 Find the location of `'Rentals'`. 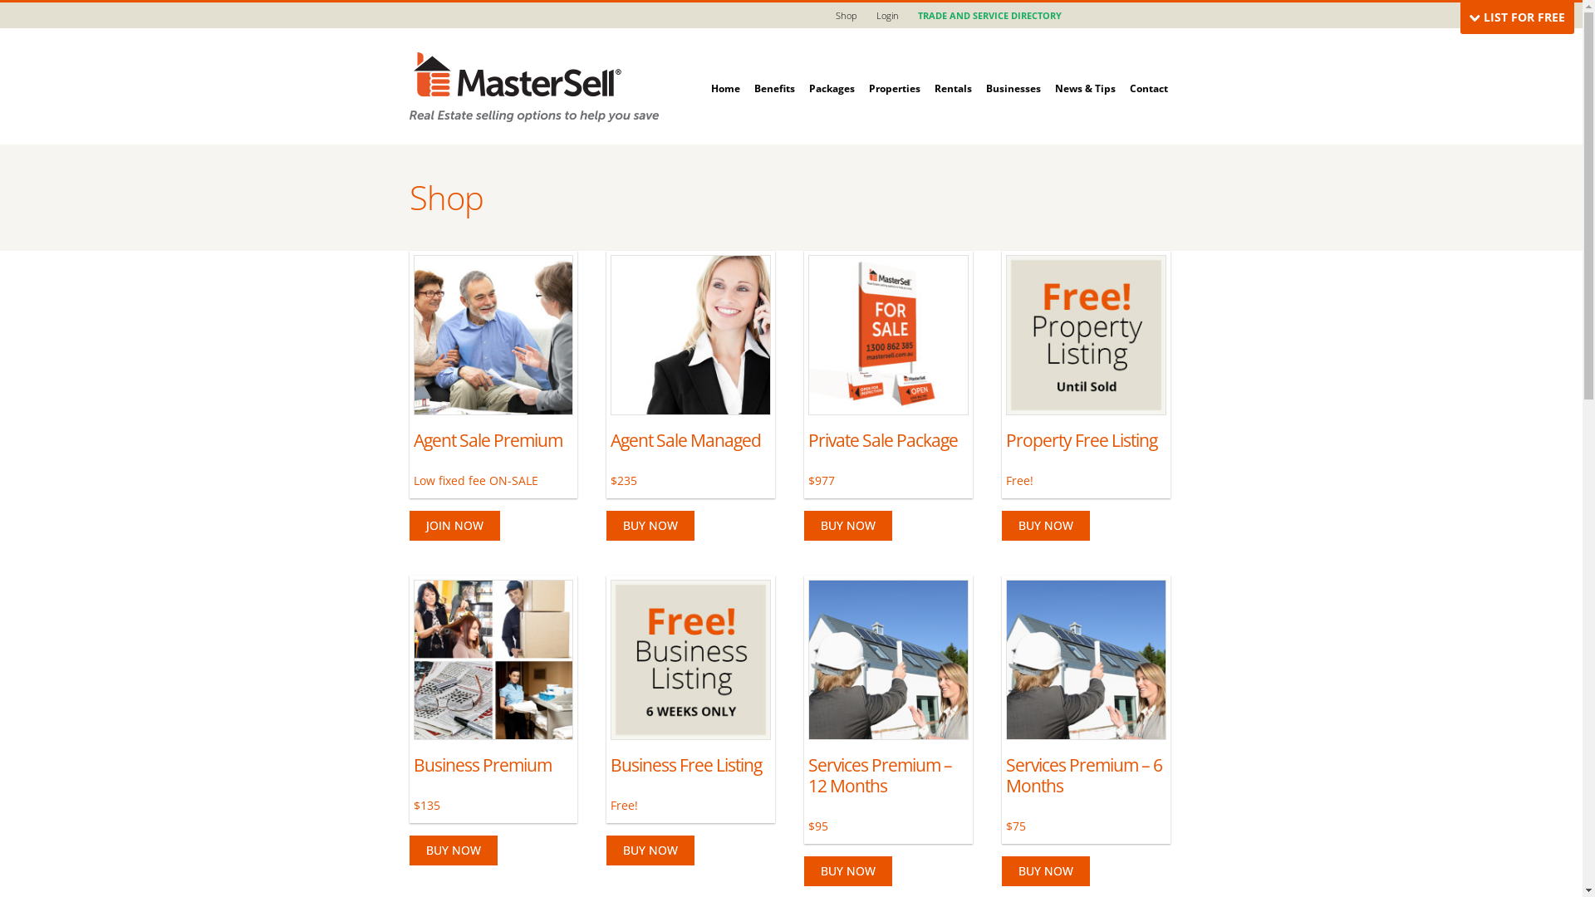

'Rentals' is located at coordinates (952, 70).